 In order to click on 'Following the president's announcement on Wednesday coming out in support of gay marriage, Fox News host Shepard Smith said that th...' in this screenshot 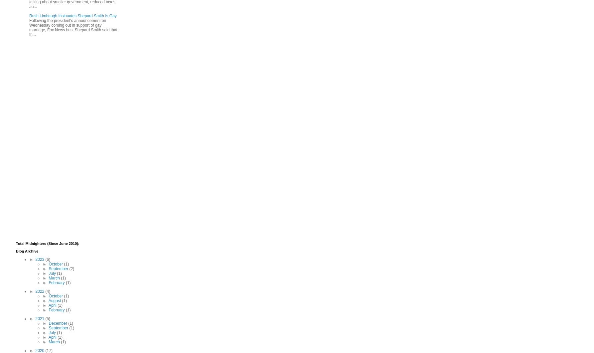, I will do `click(73, 27)`.